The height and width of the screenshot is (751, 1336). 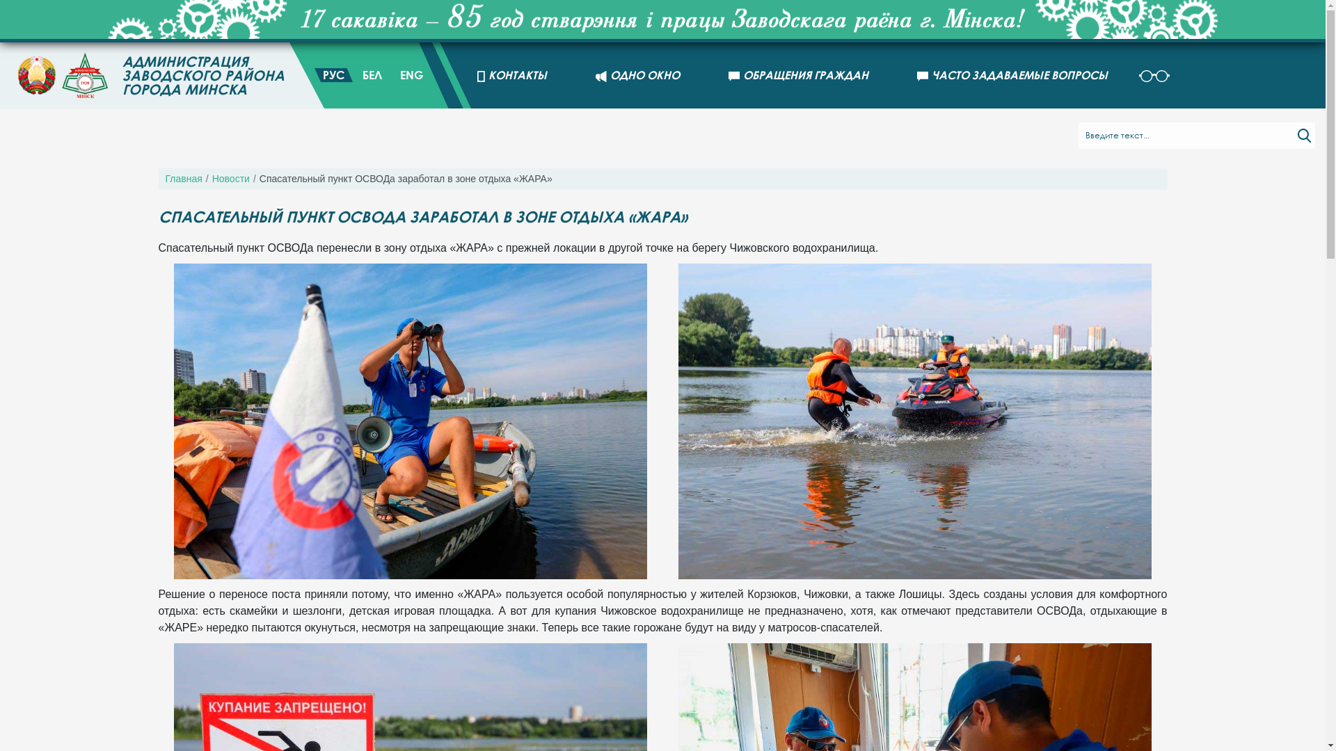 I want to click on 'ENG', so click(x=411, y=75).